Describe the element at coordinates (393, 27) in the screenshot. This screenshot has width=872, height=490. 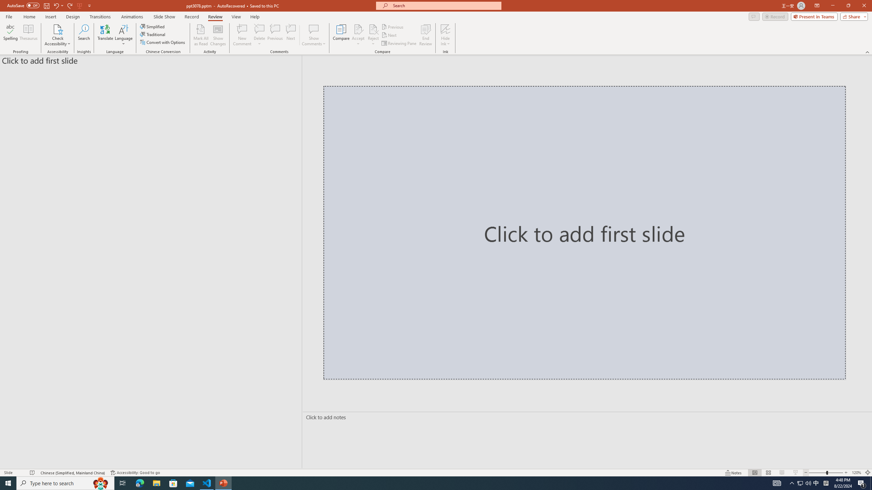
I see `'Previous'` at that location.